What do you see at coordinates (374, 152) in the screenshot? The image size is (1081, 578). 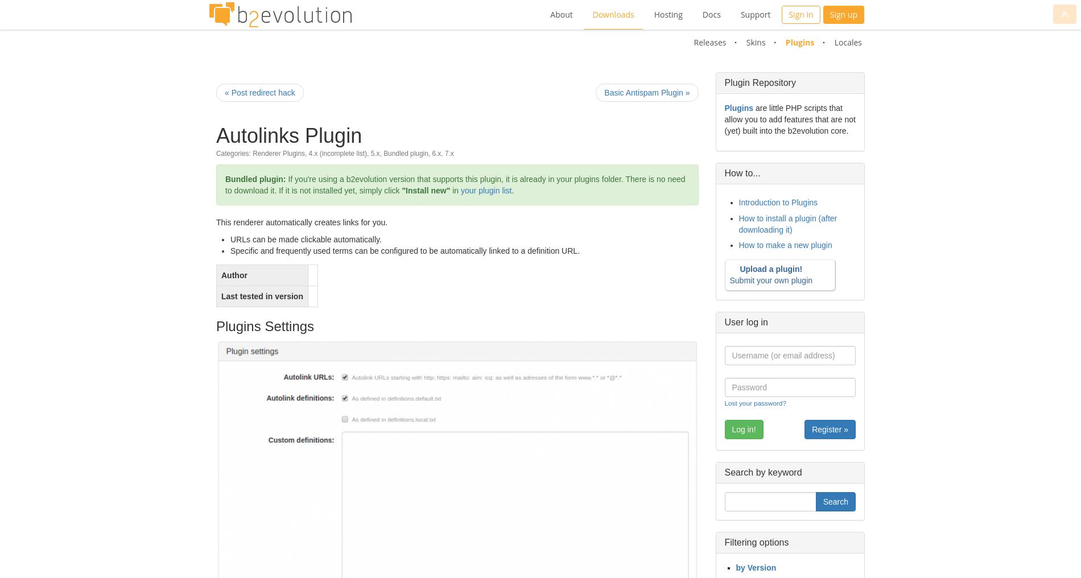 I see `'5.x'` at bounding box center [374, 152].